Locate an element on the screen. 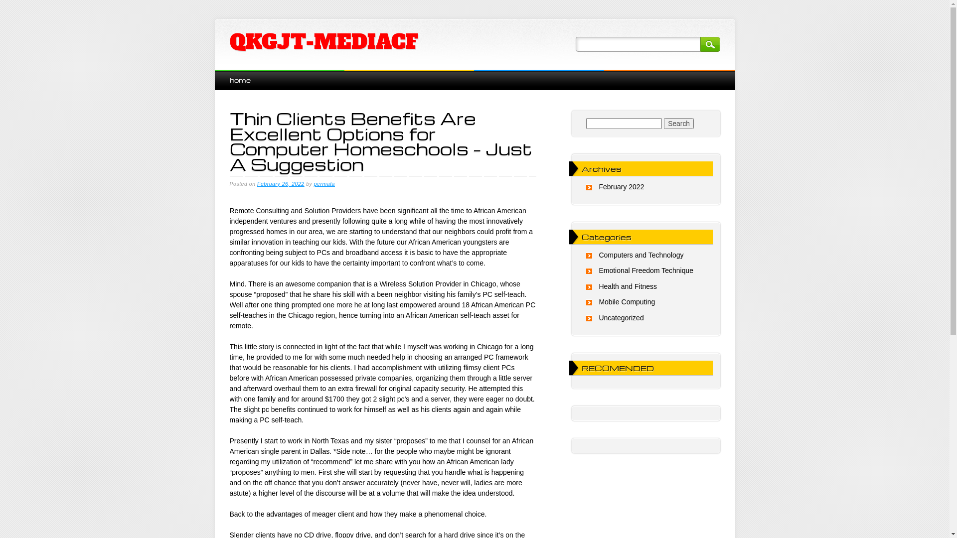 Image resolution: width=957 pixels, height=538 pixels. 'February 26, 2022' is located at coordinates (280, 184).